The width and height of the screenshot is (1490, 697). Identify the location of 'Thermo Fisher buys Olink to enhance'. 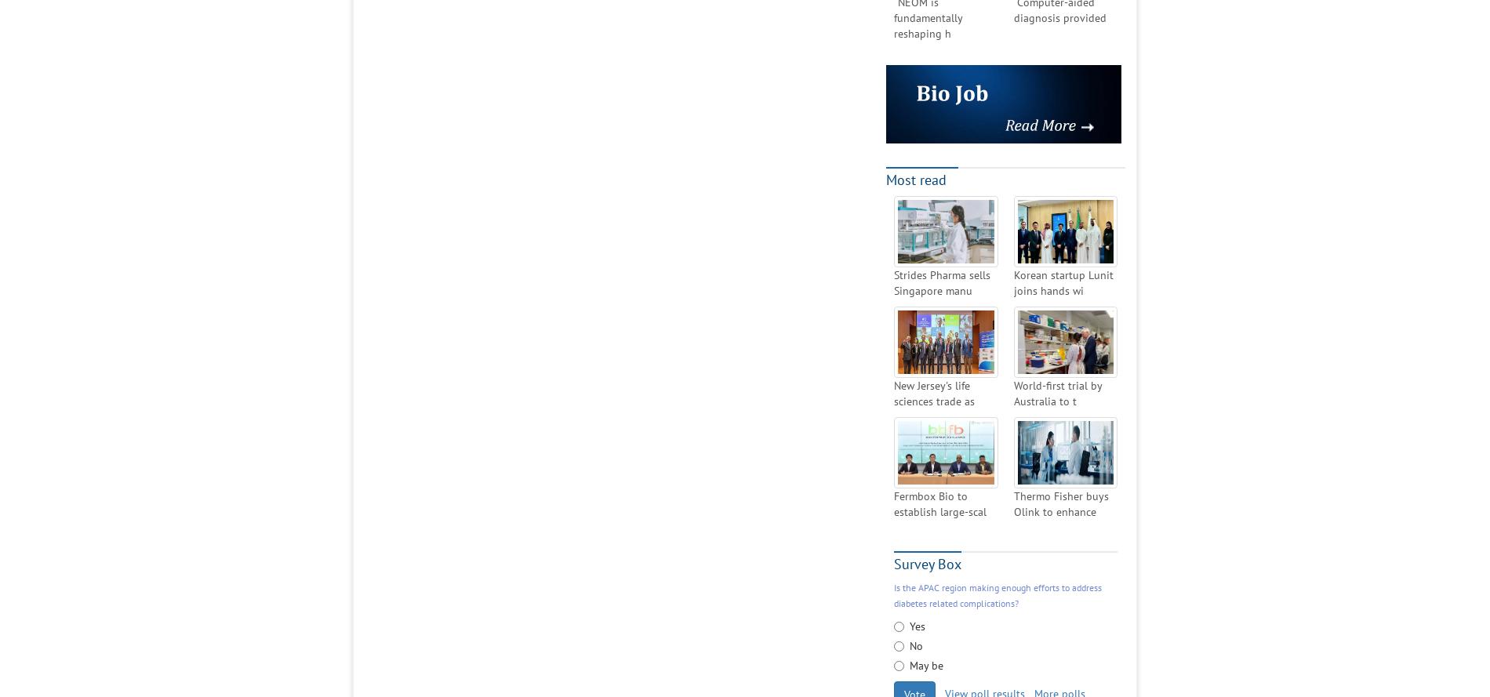
(1059, 503).